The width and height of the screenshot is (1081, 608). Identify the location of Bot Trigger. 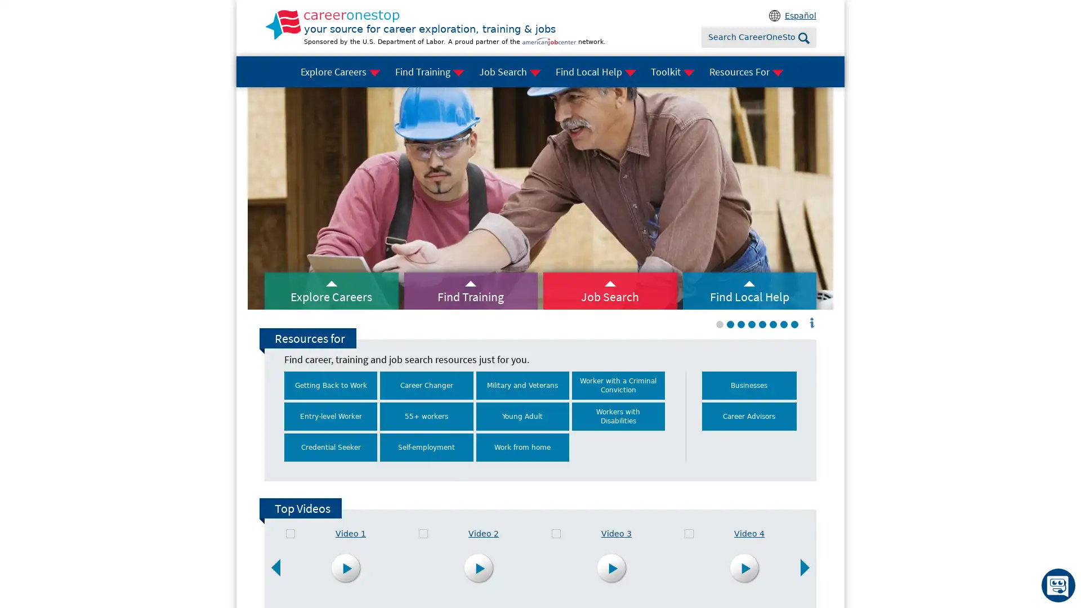
(1058, 585).